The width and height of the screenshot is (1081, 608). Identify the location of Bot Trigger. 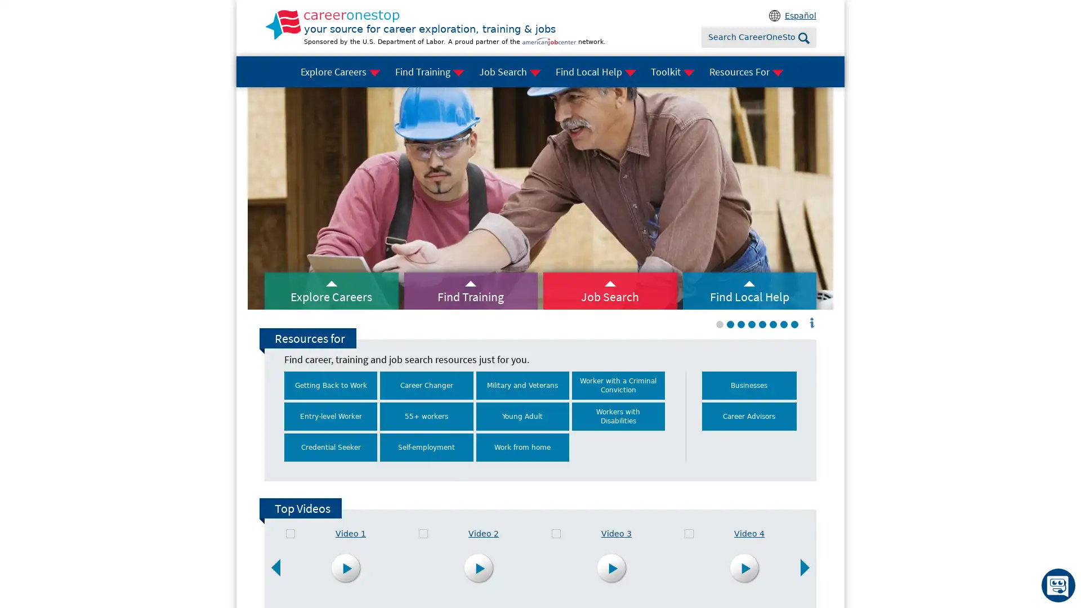
(1058, 585).